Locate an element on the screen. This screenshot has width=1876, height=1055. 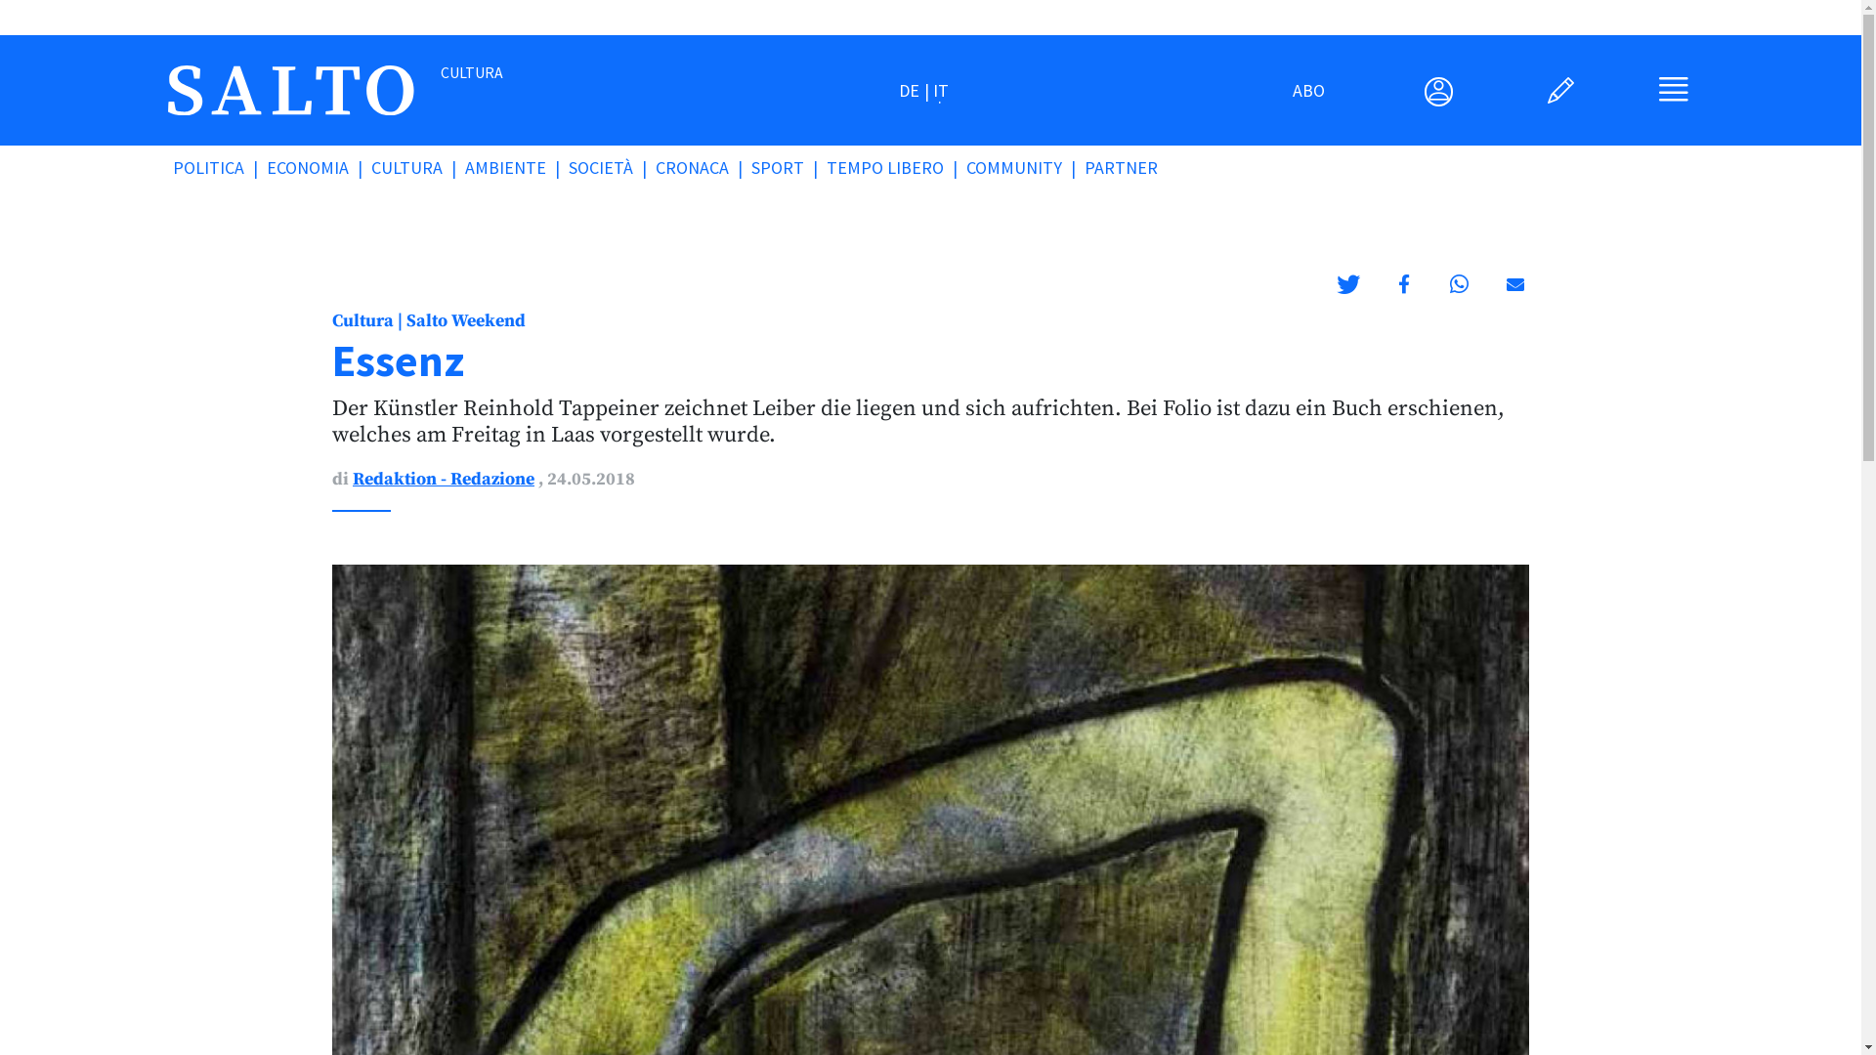
'Condividi su Facebook' is located at coordinates (1387, 282).